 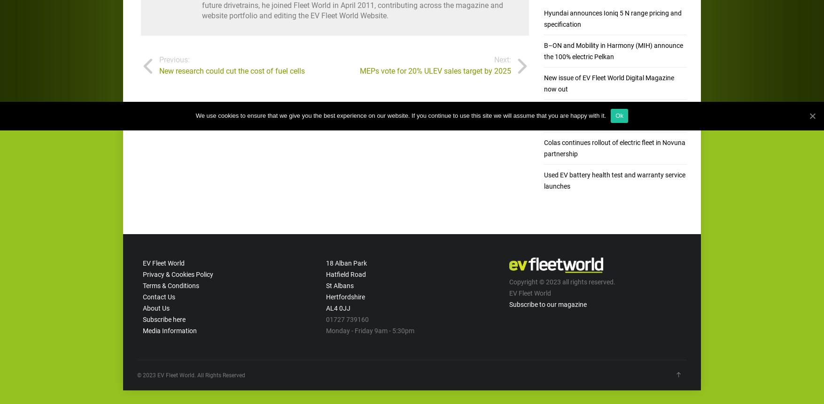 I want to click on 'Hertfordshire', so click(x=345, y=296).